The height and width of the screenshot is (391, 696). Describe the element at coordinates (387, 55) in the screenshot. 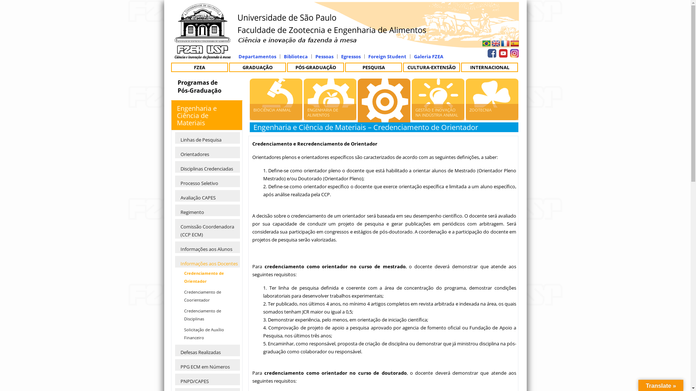

I see `'Foreign Student'` at that location.